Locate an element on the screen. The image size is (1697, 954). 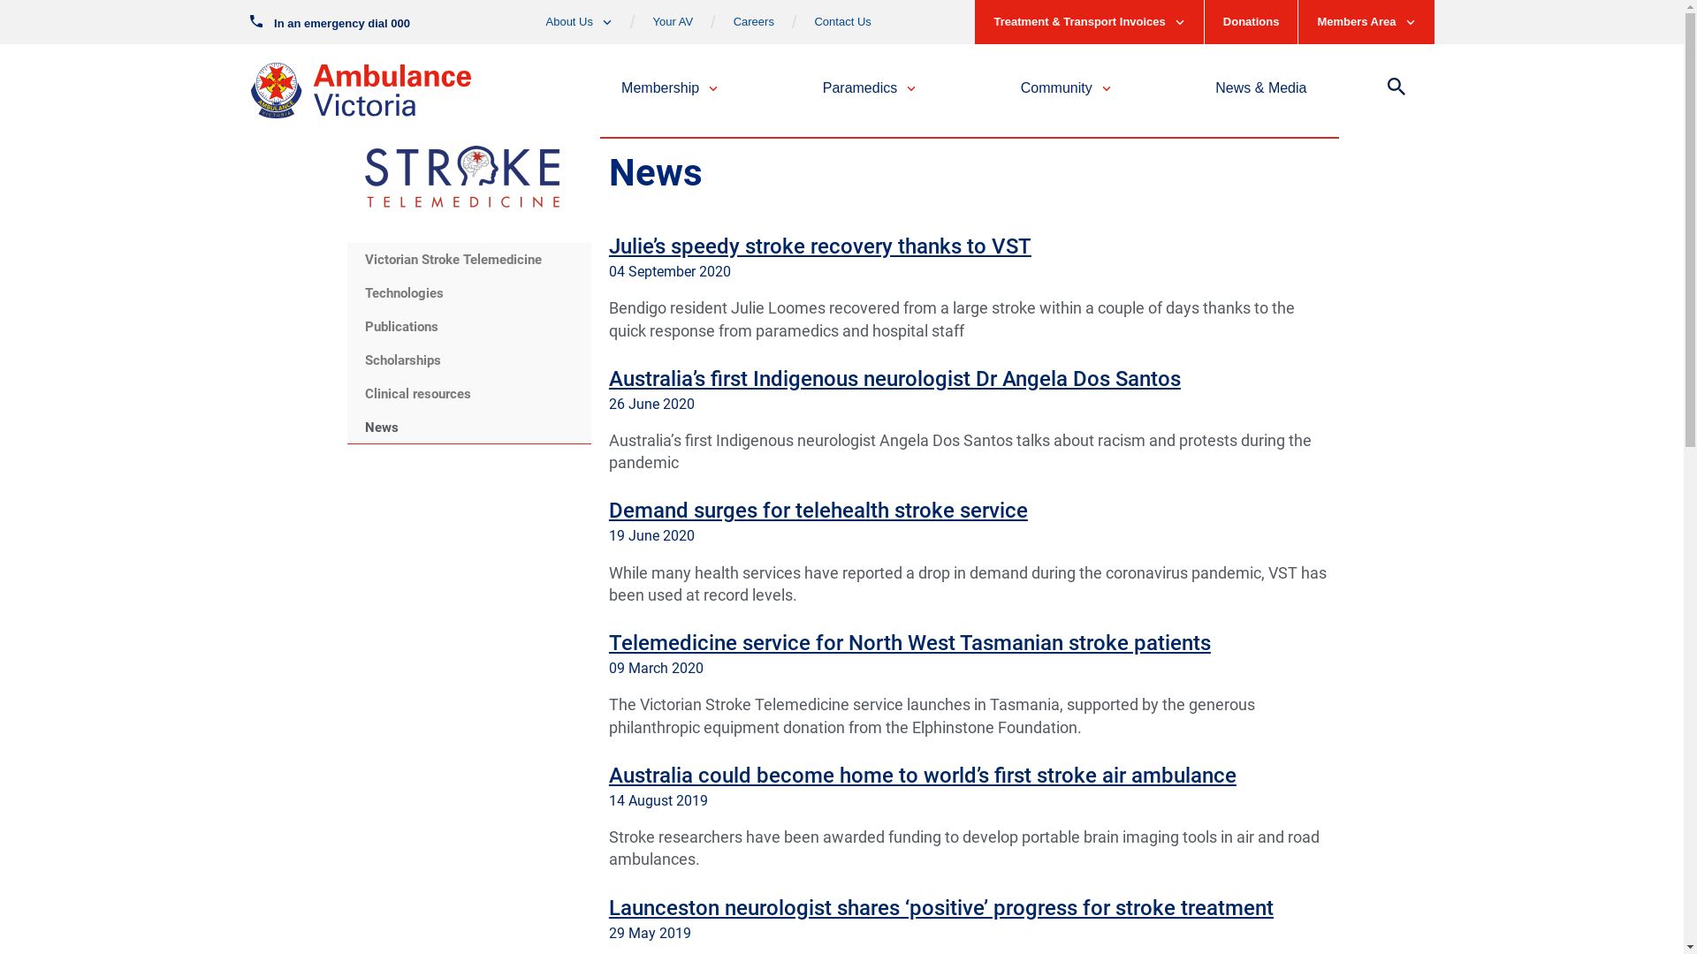
'Careers' is located at coordinates (754, 23).